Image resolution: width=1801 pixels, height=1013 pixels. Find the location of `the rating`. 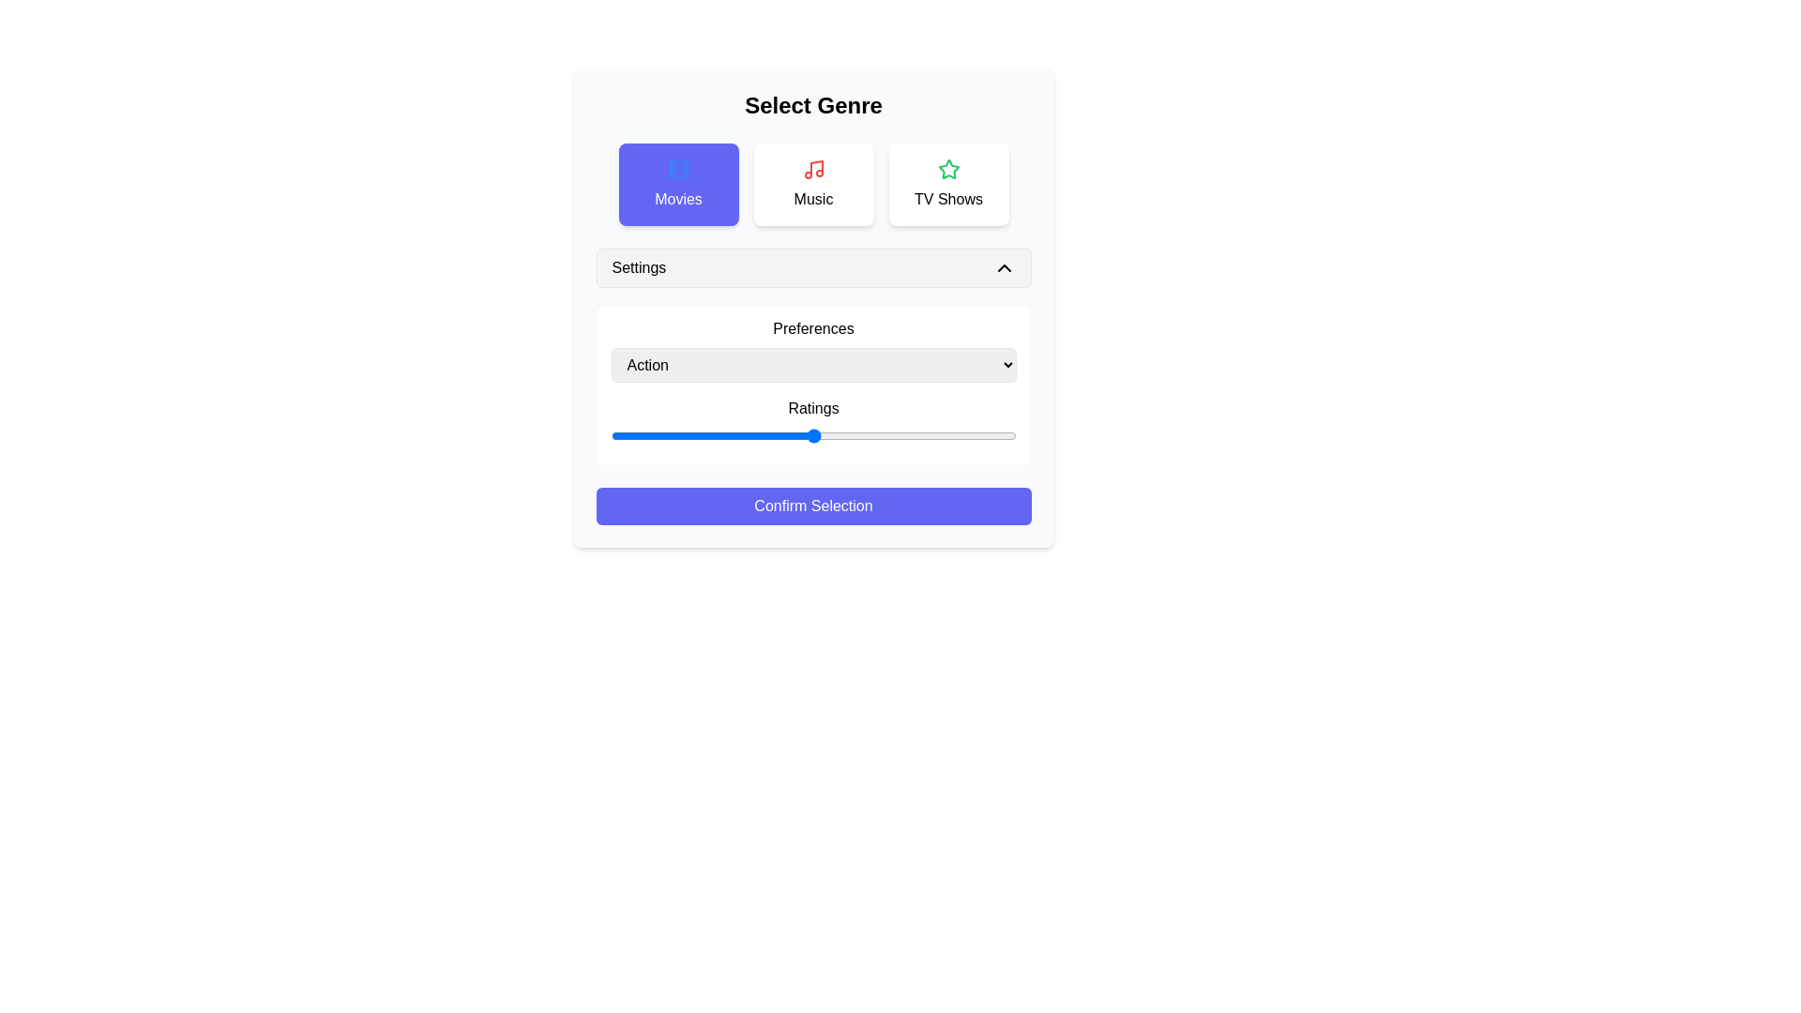

the rating is located at coordinates (877, 436).